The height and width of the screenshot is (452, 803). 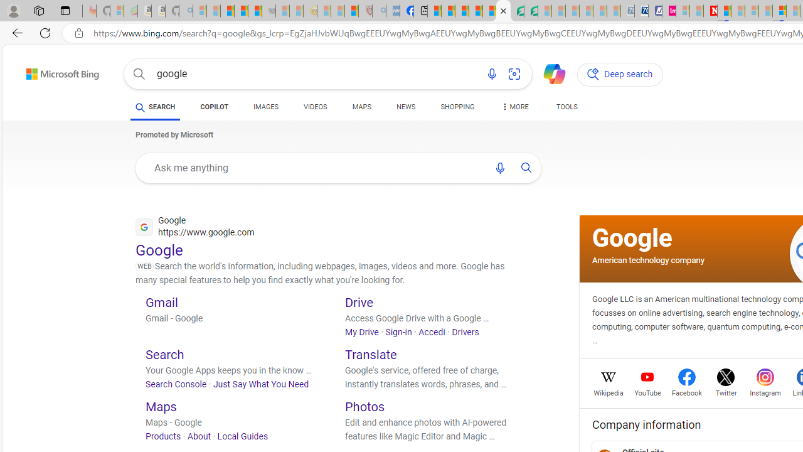 What do you see at coordinates (457, 107) in the screenshot?
I see `'SHOPPING'` at bounding box center [457, 107].